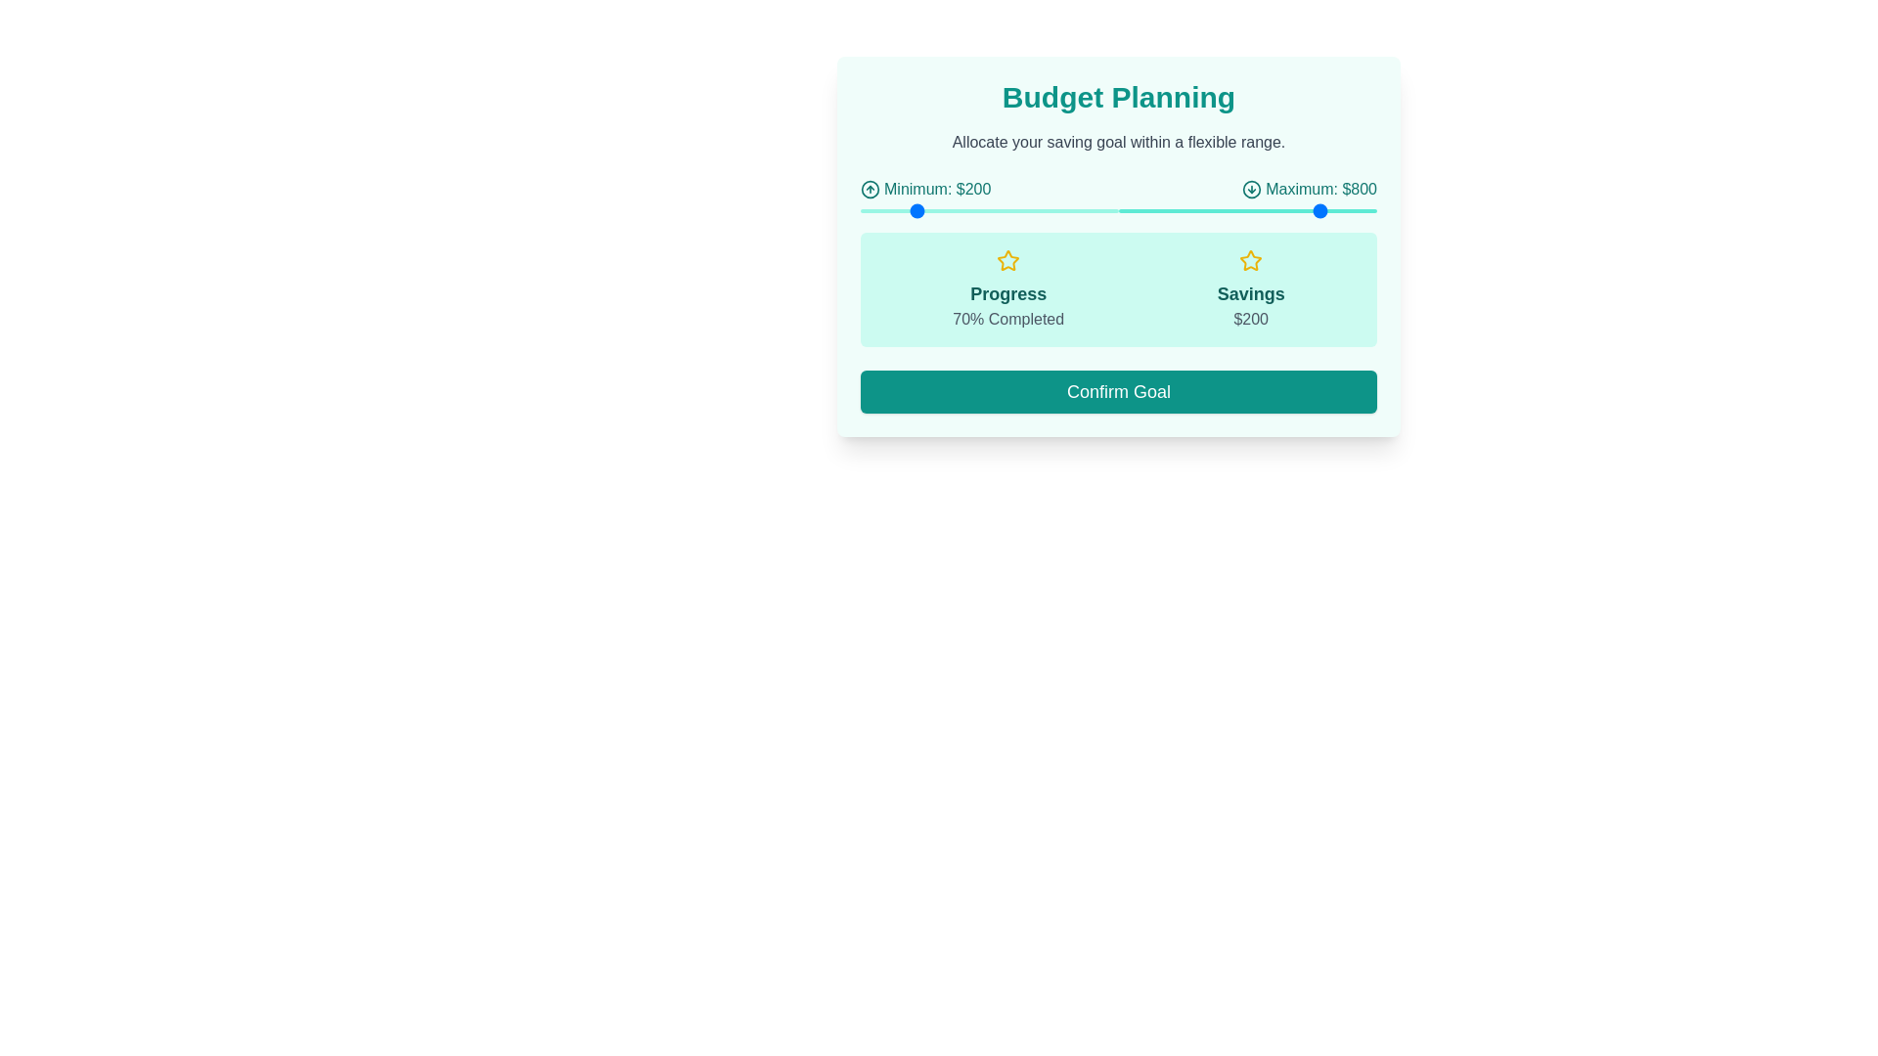  I want to click on the slider, so click(1353, 211).